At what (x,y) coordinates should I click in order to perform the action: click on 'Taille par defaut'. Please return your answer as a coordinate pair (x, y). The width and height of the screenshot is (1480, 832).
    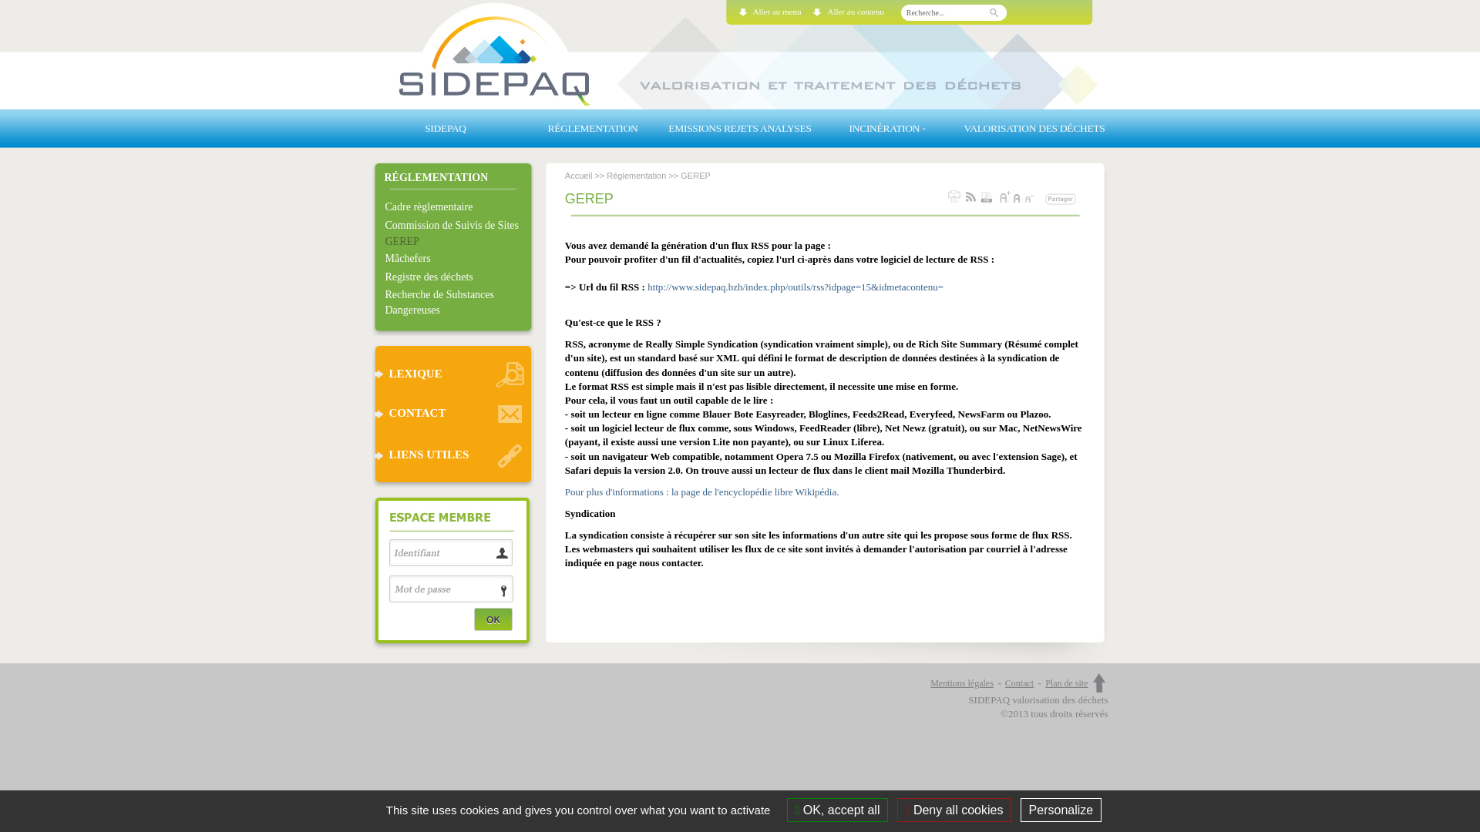
    Looking at the image, I should click on (1017, 195).